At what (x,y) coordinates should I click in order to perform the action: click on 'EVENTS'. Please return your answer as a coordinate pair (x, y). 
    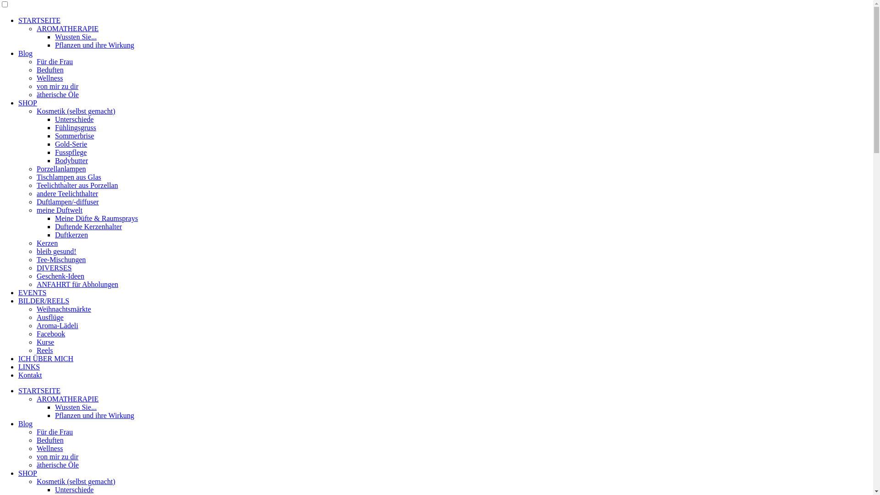
    Looking at the image, I should click on (32, 292).